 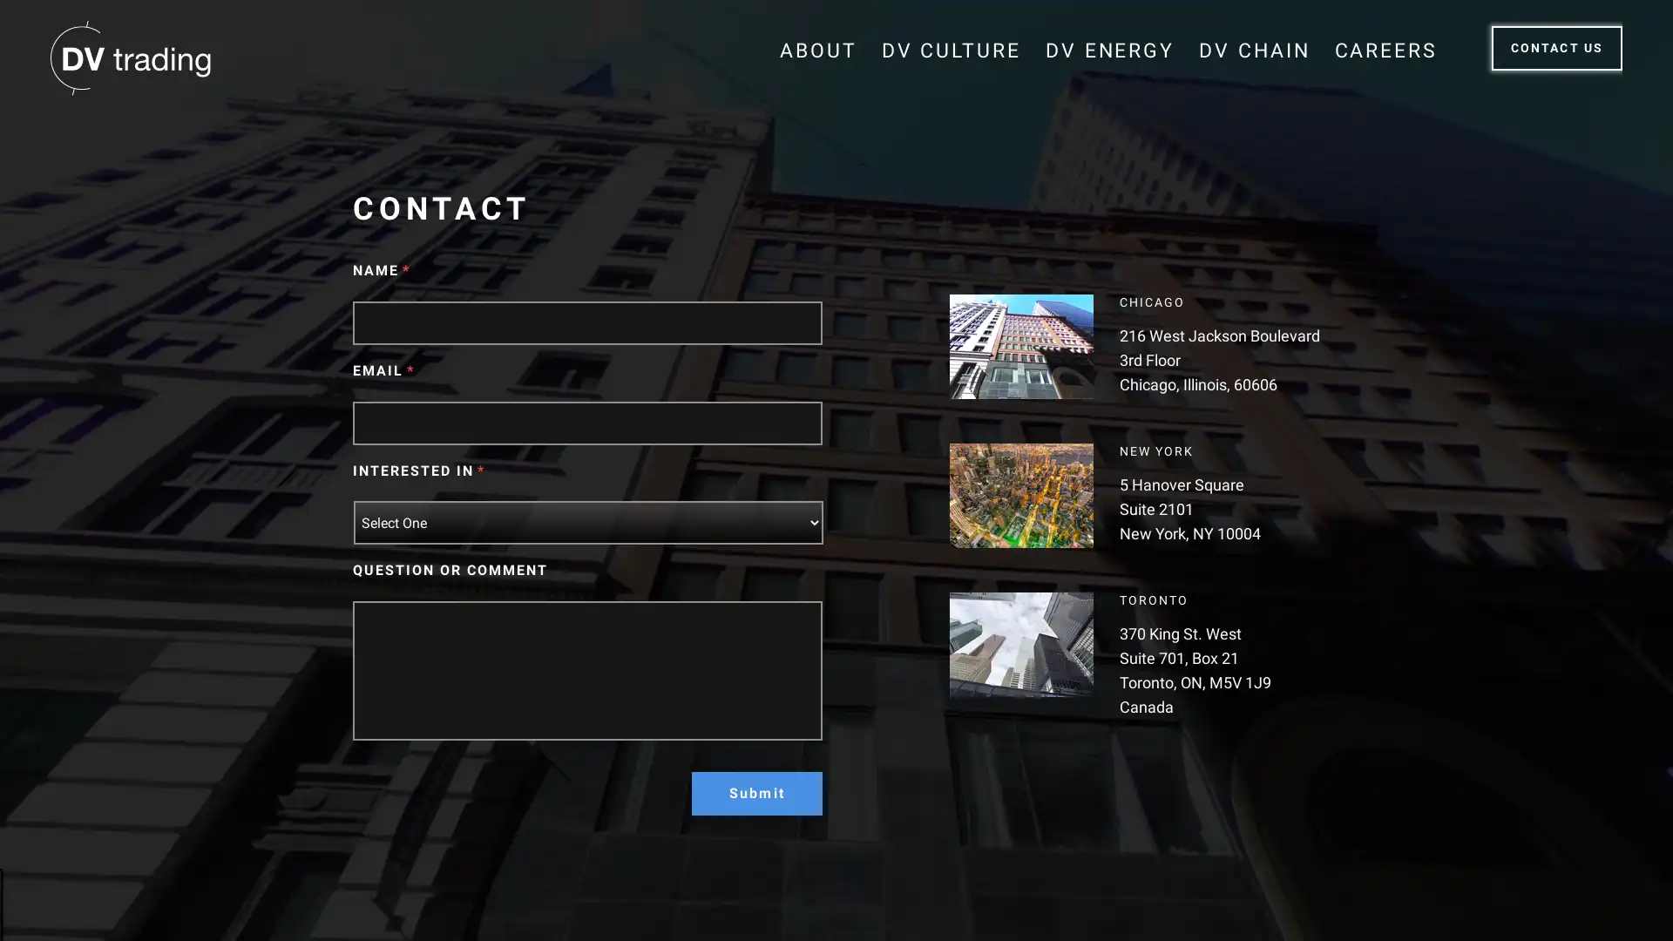 I want to click on Submit, so click(x=756, y=793).